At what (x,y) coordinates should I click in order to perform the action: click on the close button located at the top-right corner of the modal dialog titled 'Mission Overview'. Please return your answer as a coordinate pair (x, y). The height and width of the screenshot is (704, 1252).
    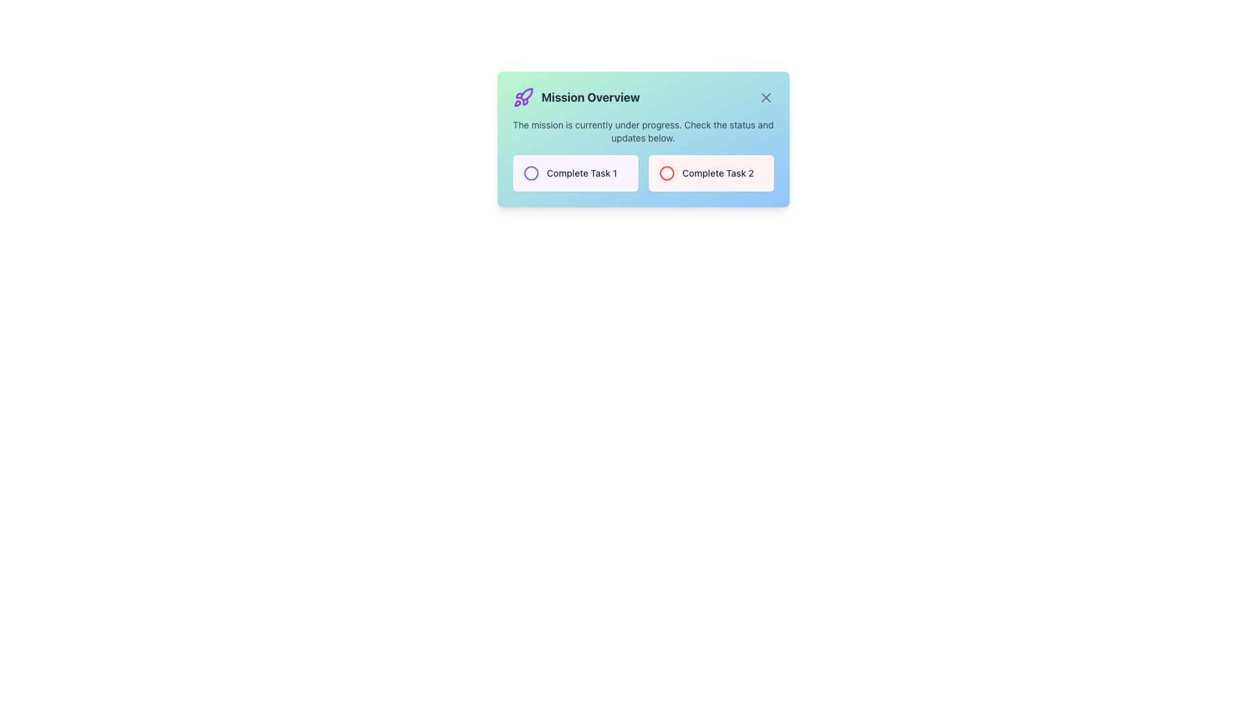
    Looking at the image, I should click on (766, 97).